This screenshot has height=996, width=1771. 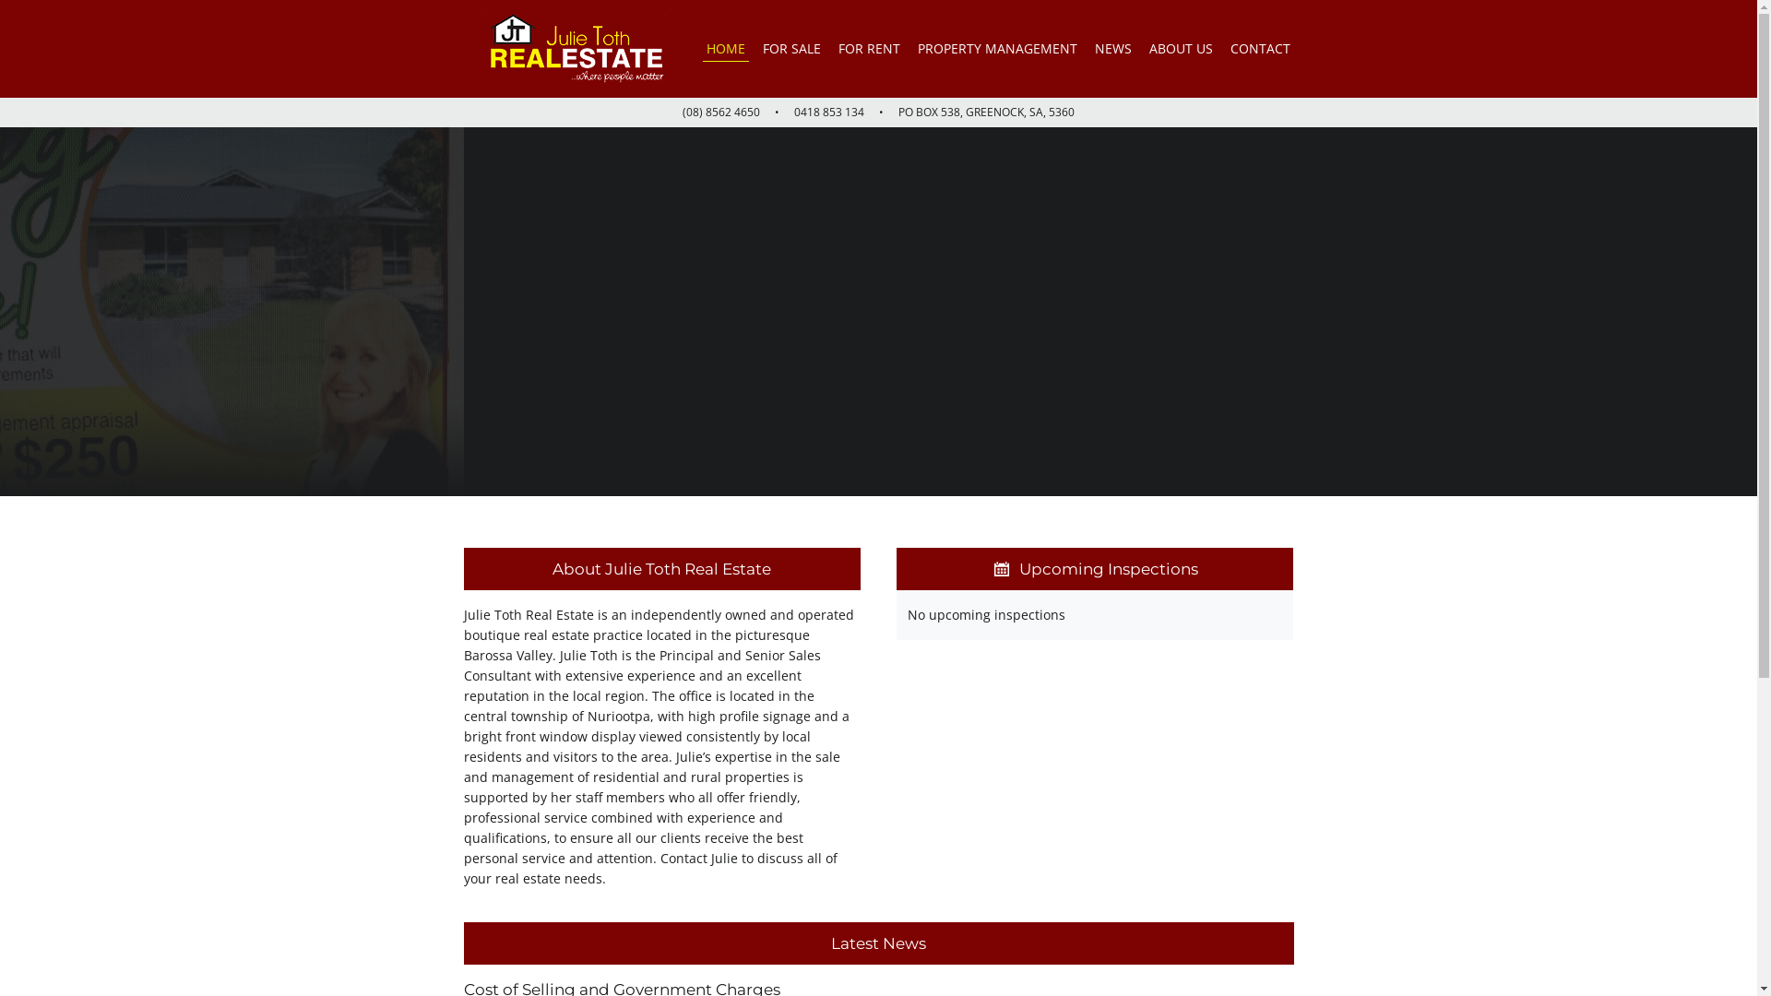 What do you see at coordinates (790, 48) in the screenshot?
I see `'FOR SALE'` at bounding box center [790, 48].